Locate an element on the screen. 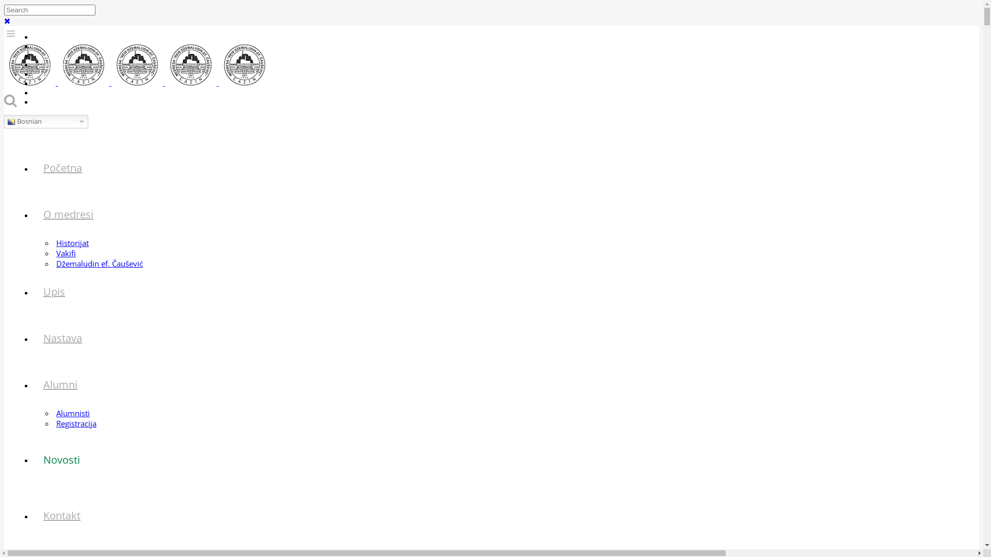 The height and width of the screenshot is (557, 991). 'Bosnian' is located at coordinates (4, 121).